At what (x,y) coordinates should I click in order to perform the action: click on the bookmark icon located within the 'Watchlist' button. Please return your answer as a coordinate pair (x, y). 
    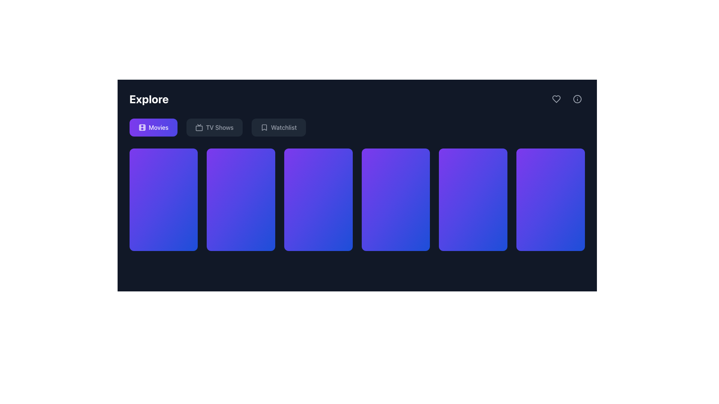
    Looking at the image, I should click on (264, 127).